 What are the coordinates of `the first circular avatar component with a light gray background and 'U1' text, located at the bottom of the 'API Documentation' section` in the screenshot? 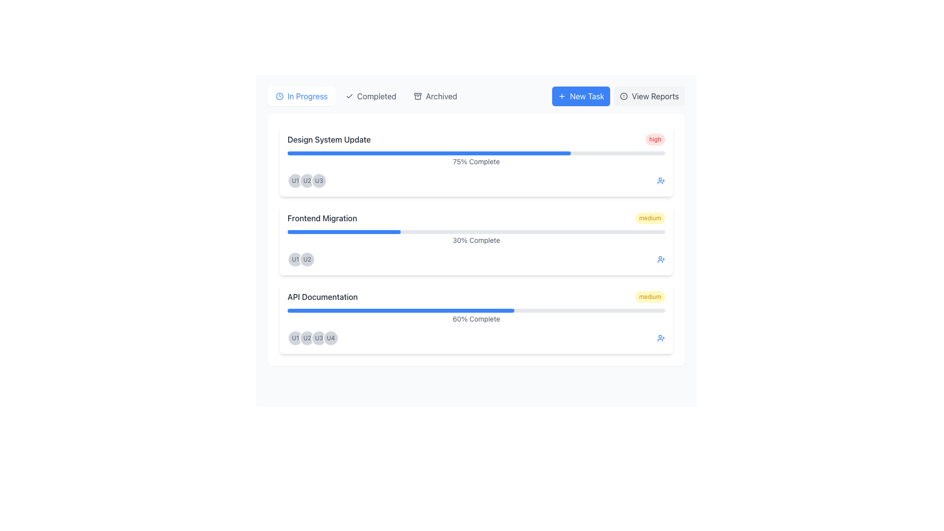 It's located at (295, 337).